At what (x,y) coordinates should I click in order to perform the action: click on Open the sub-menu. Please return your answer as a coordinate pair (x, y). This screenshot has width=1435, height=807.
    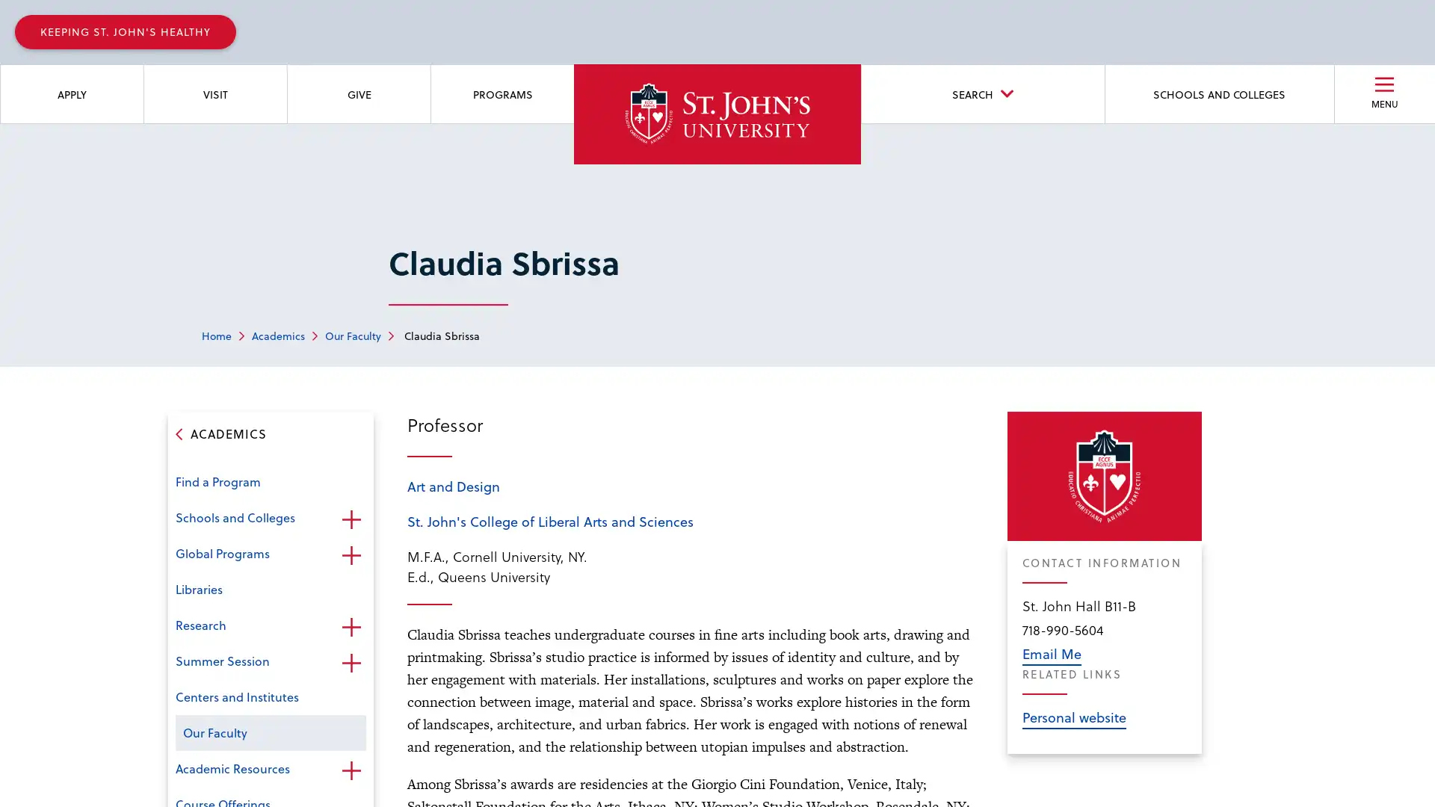
    Looking at the image, I should click on (351, 770).